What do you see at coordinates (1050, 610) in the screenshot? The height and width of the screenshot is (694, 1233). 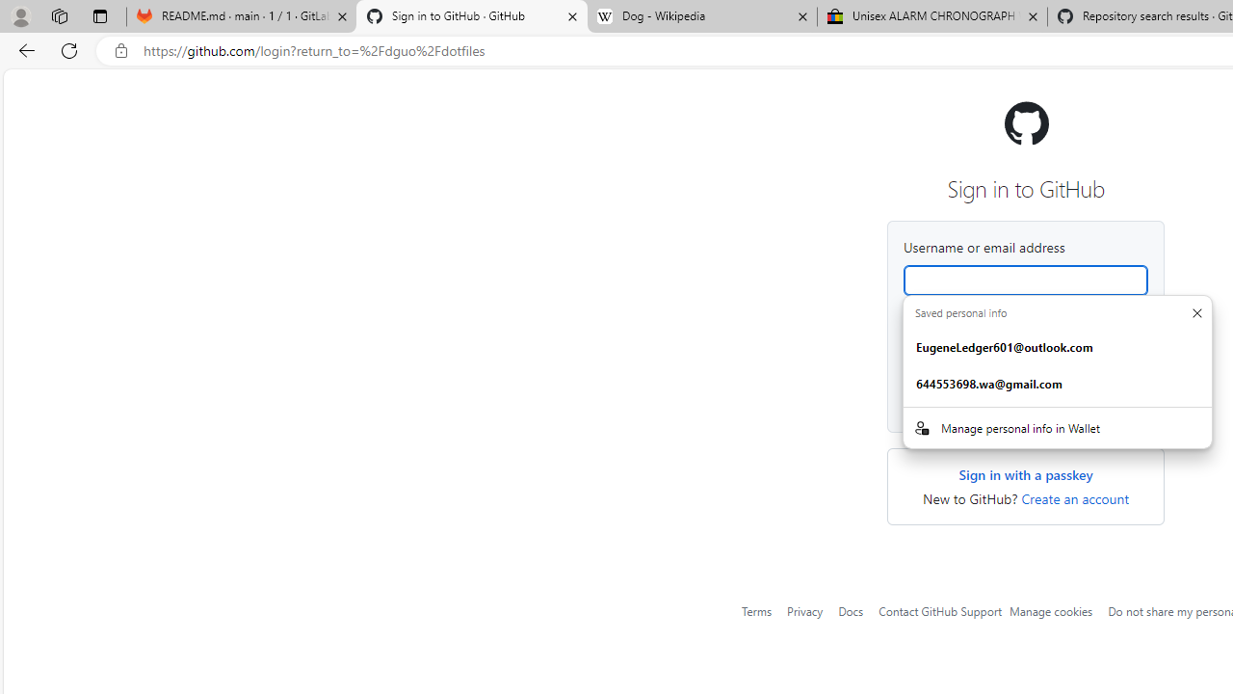 I see `'Manage cookies'` at bounding box center [1050, 610].